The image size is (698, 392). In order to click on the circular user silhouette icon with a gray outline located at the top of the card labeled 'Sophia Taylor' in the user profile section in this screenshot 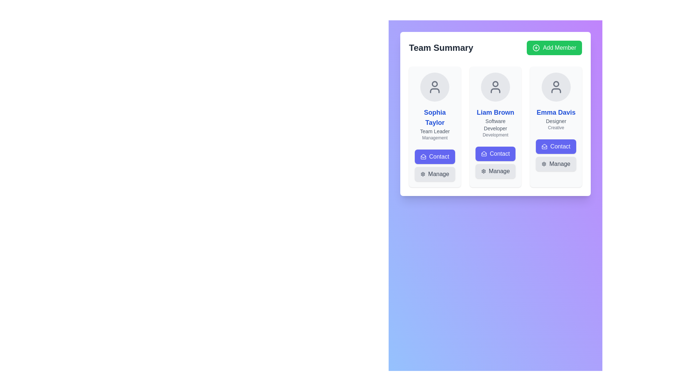, I will do `click(435, 86)`.